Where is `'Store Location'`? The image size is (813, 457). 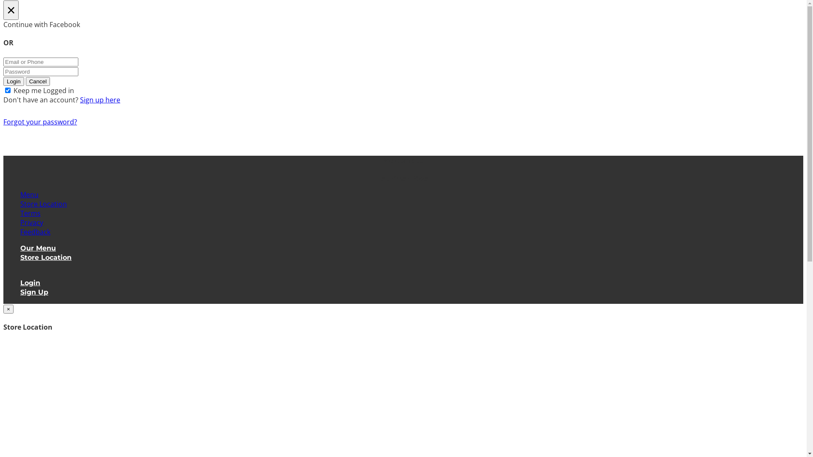
'Store Location' is located at coordinates (45, 257).